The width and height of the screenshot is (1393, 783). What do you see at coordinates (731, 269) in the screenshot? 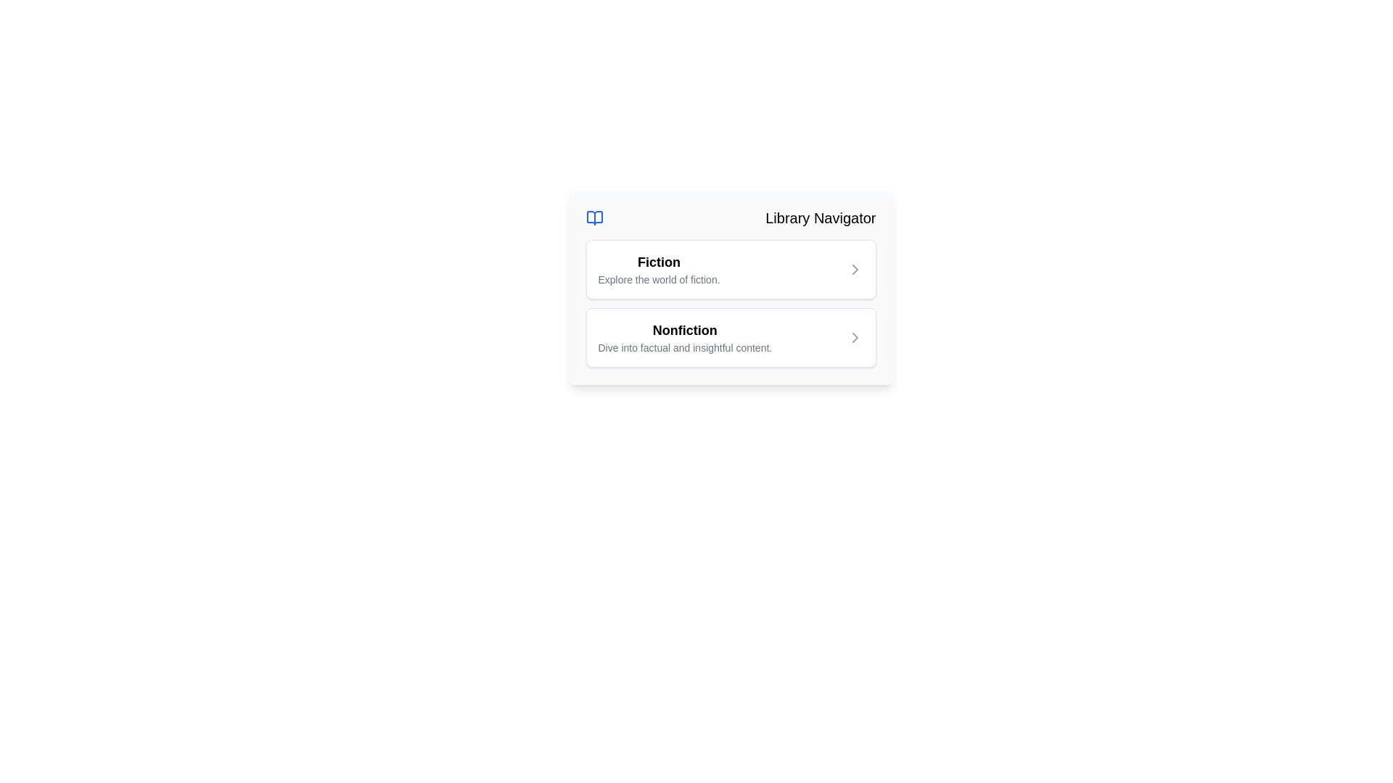
I see `the first Card-style option selector in the 'Library Navigator' panel` at bounding box center [731, 269].